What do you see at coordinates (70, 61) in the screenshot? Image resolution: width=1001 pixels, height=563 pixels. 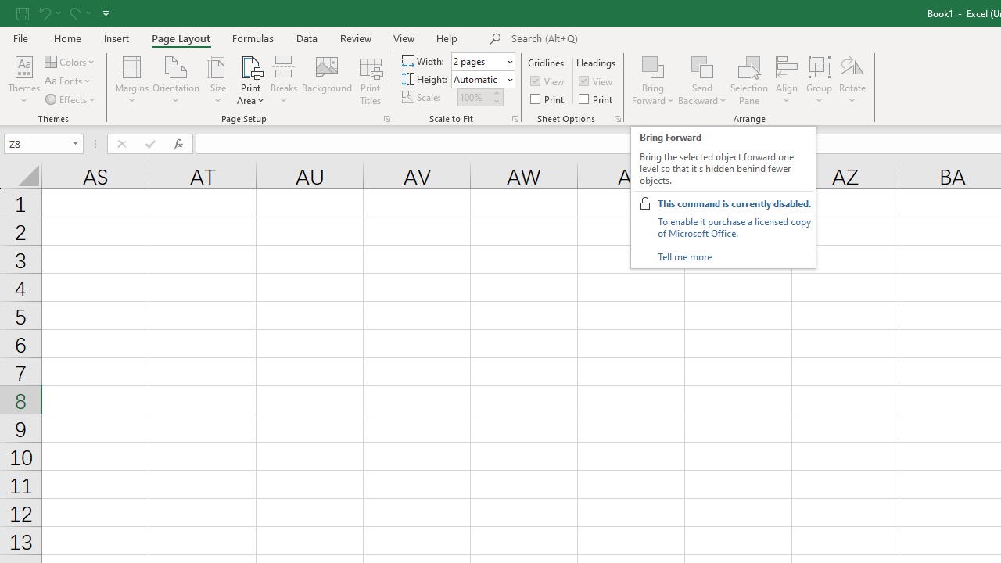 I see `'Colors'` at bounding box center [70, 61].